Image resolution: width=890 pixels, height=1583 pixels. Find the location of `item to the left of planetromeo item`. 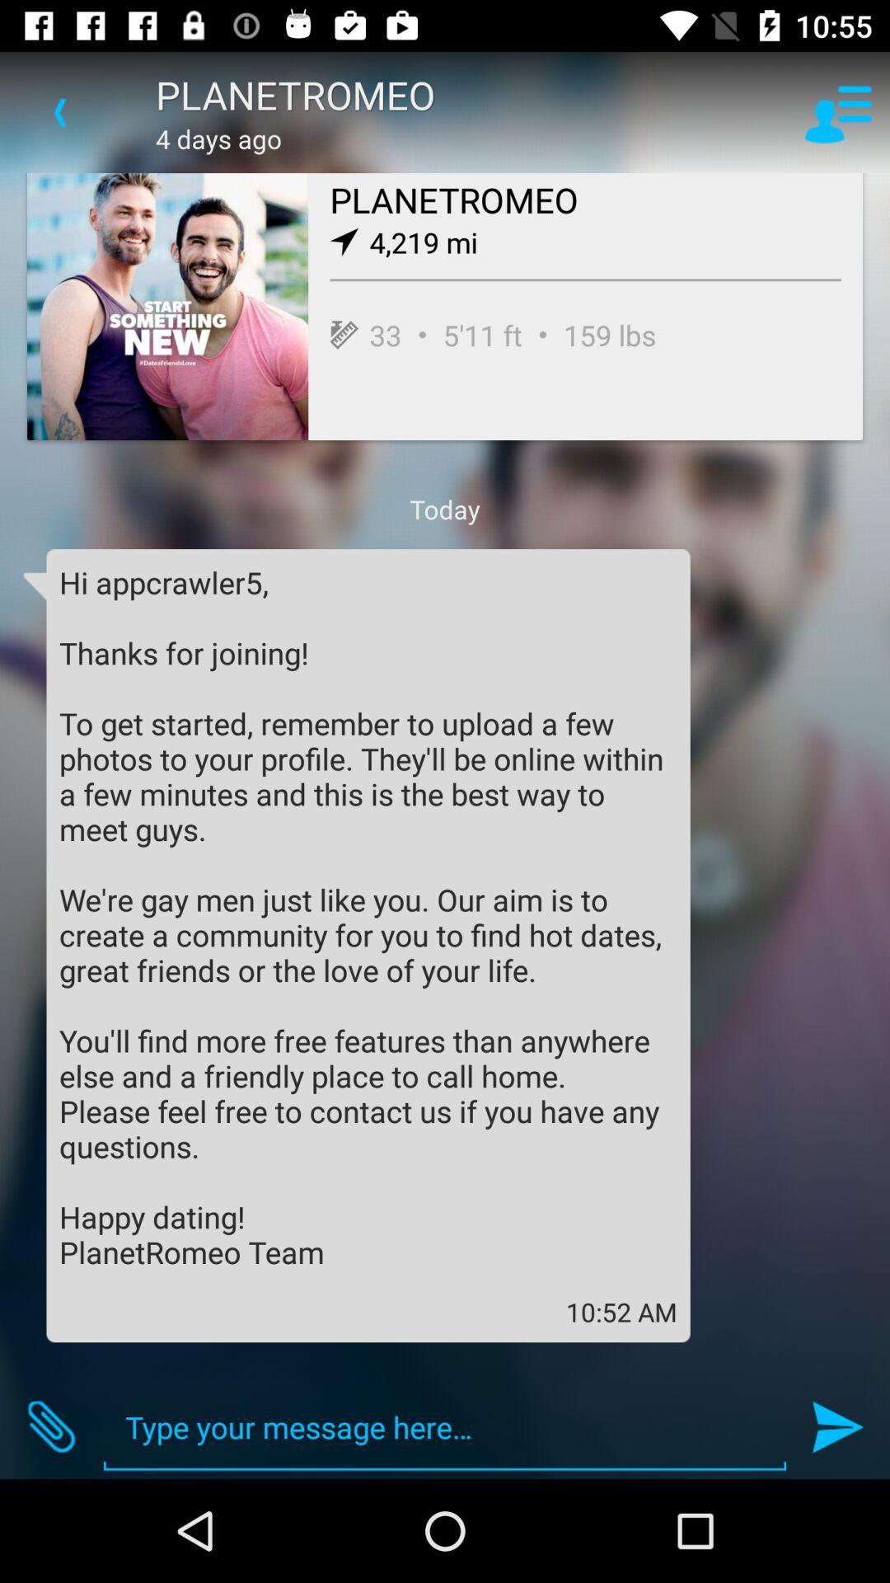

item to the left of planetromeo item is located at coordinates (59, 111).